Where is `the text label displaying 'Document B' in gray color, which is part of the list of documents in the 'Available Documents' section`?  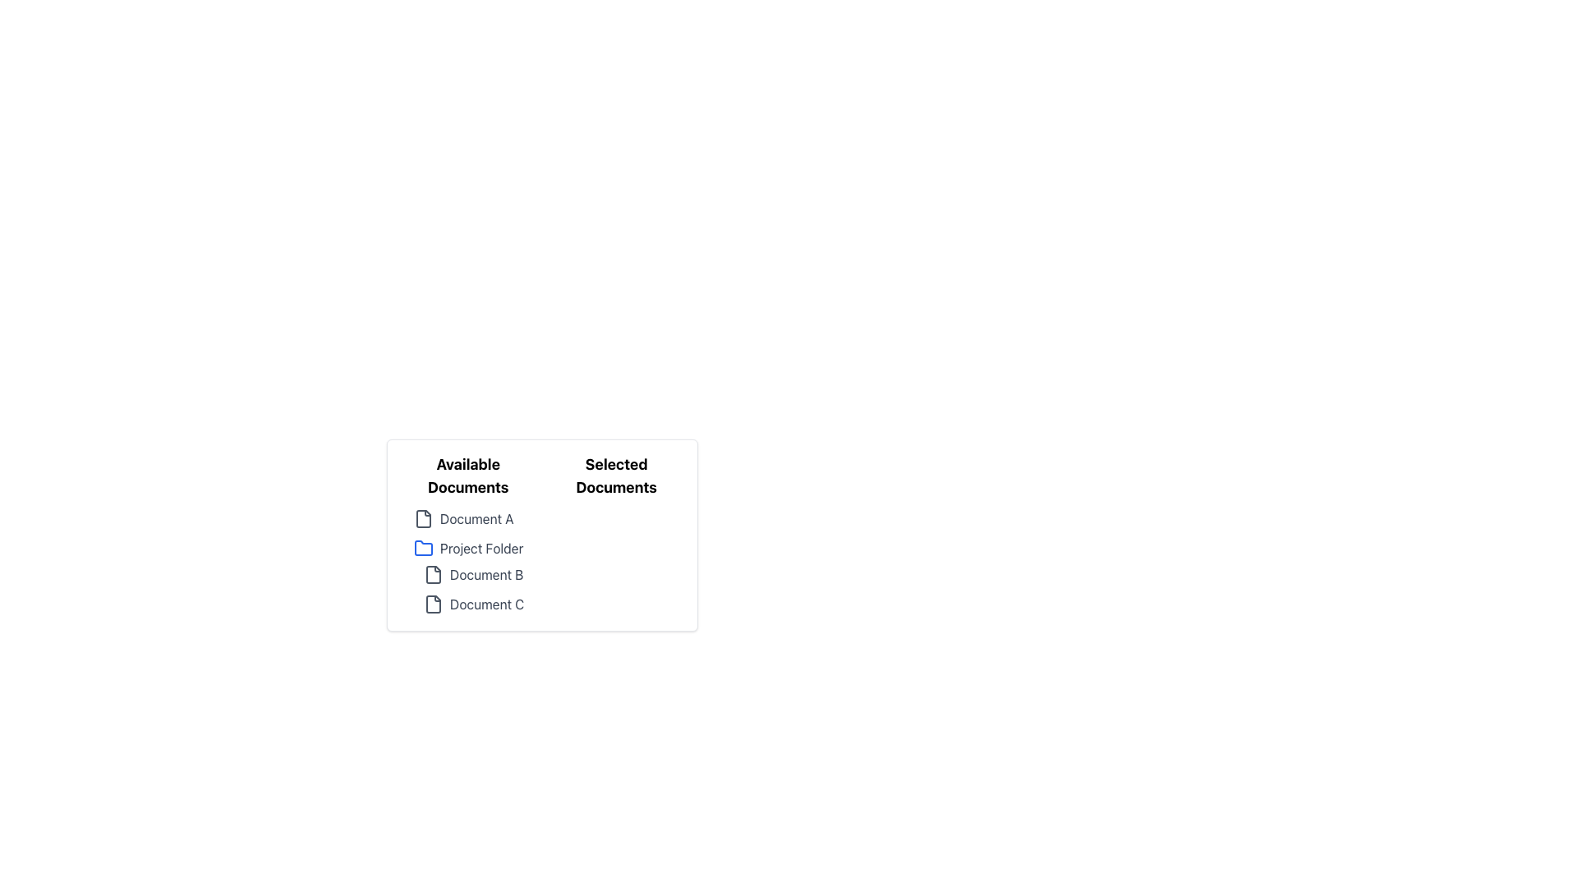
the text label displaying 'Document B' in gray color, which is part of the list of documents in the 'Available Documents' section is located at coordinates (485, 573).